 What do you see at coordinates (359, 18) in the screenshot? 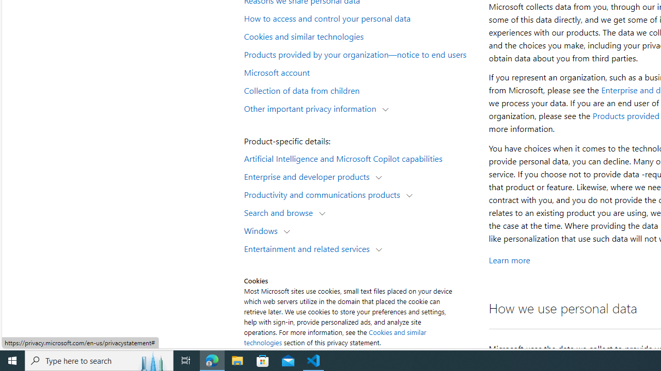
I see `'How to access and control your personal data'` at bounding box center [359, 18].